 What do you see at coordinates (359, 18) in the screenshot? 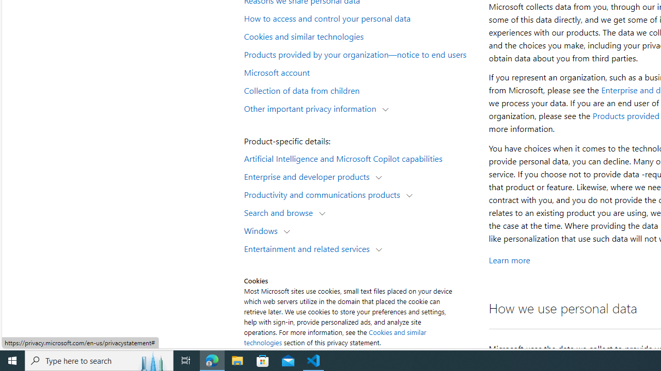
I see `'How to access and control your personal data'` at bounding box center [359, 18].